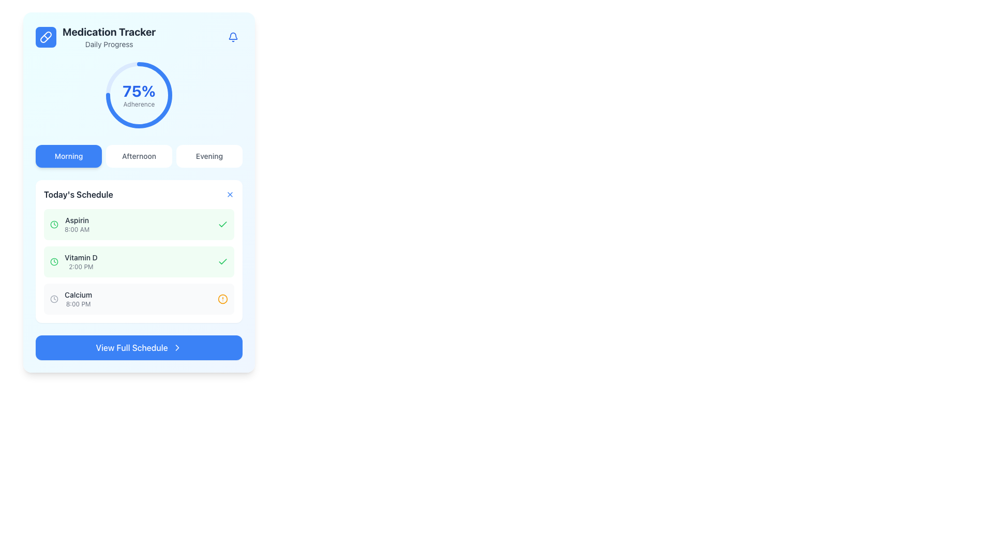 The image size is (993, 559). I want to click on percentage value displayed in the large, bold blue text label showing '75%' located in the 'Medication Tracker' section above the word 'Adherence', so click(138, 90).